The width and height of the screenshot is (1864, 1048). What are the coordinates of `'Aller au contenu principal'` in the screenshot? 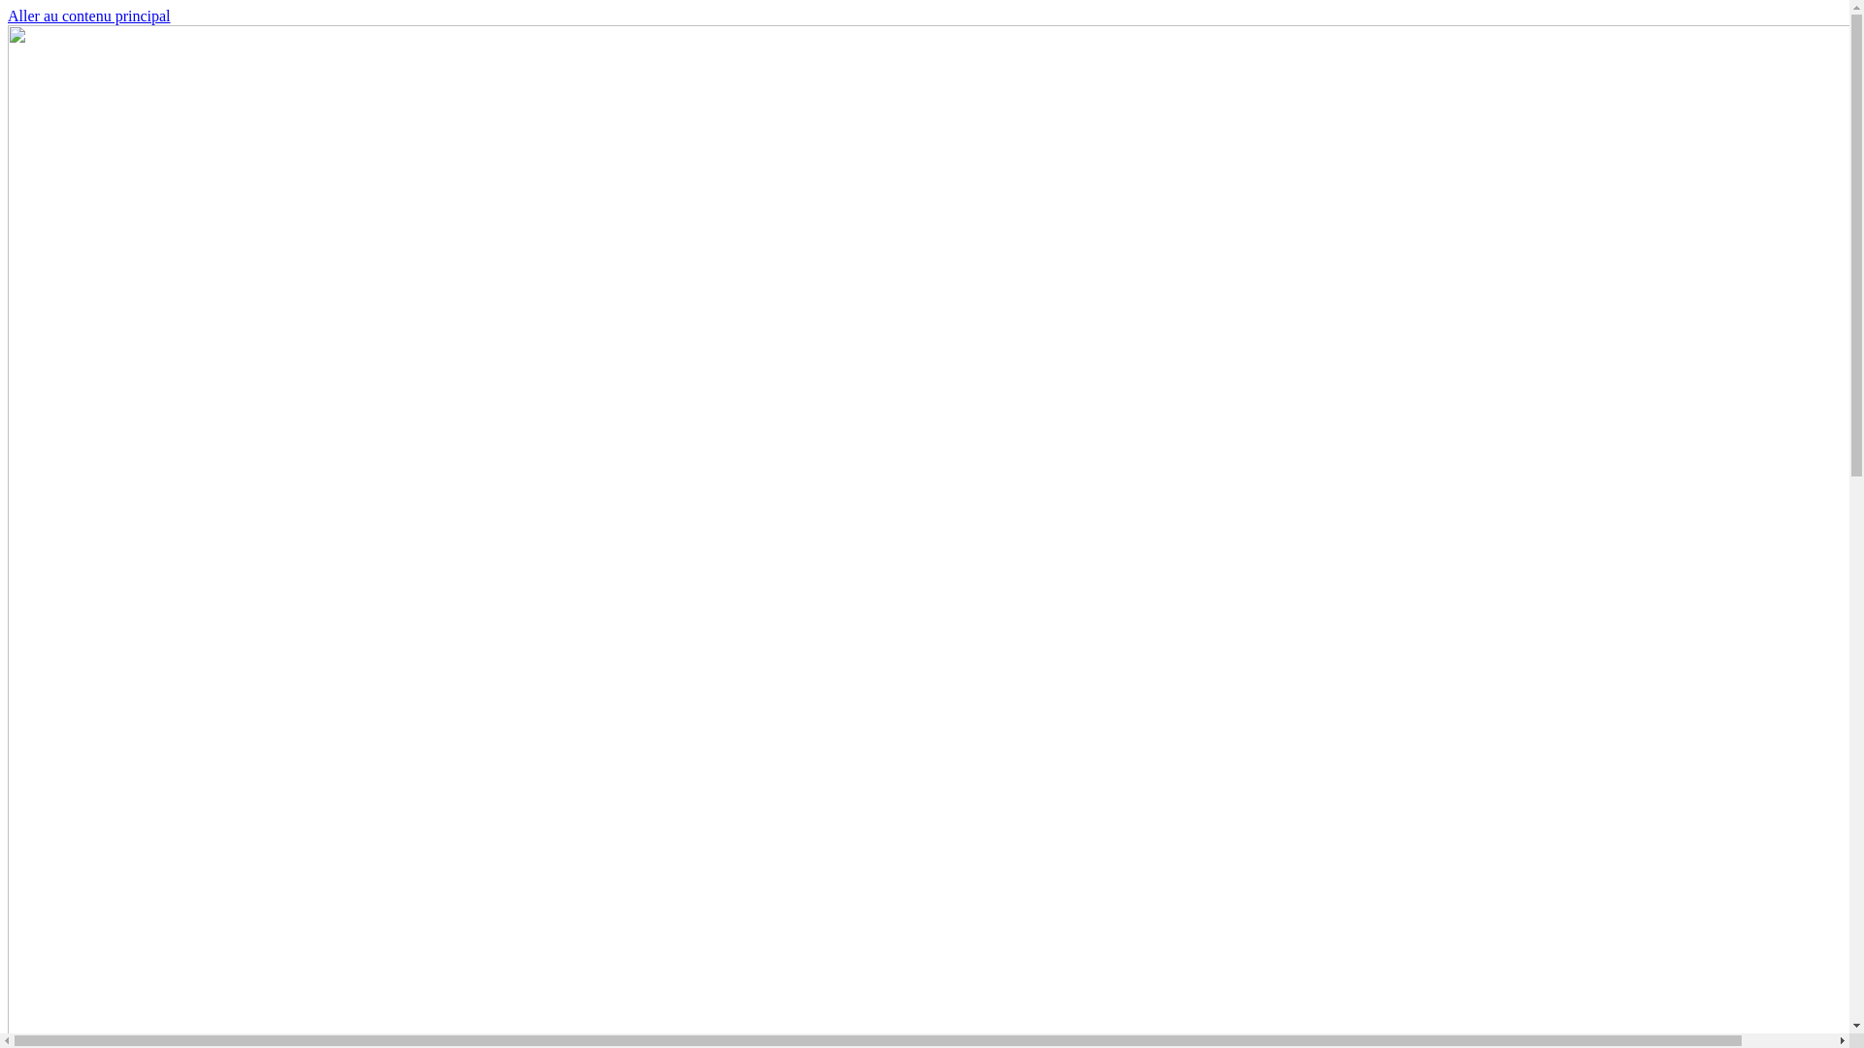 It's located at (87, 16).